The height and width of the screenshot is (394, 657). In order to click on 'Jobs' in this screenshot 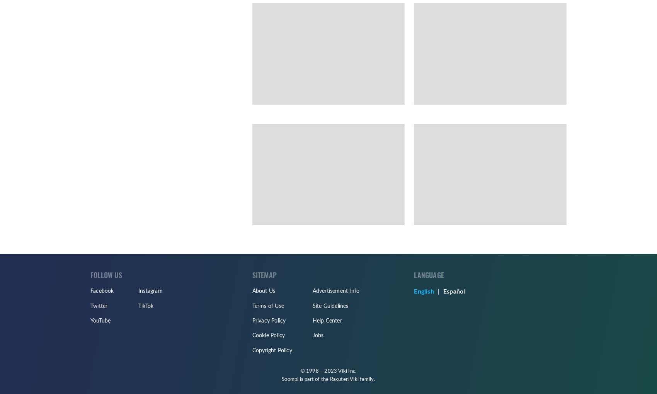, I will do `click(317, 335)`.